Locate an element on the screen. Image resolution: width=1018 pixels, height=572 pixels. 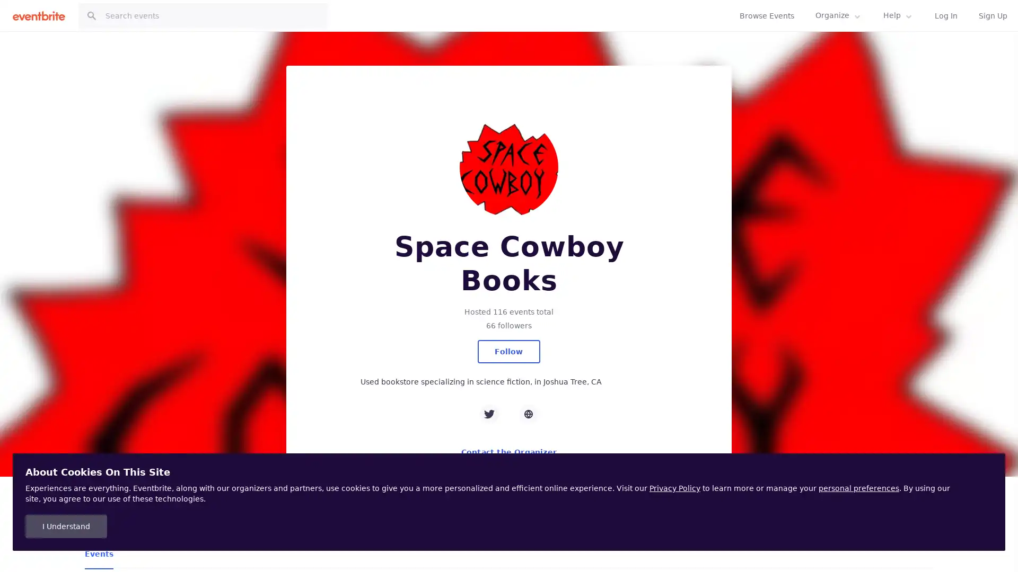
Follow is located at coordinates (508, 351).